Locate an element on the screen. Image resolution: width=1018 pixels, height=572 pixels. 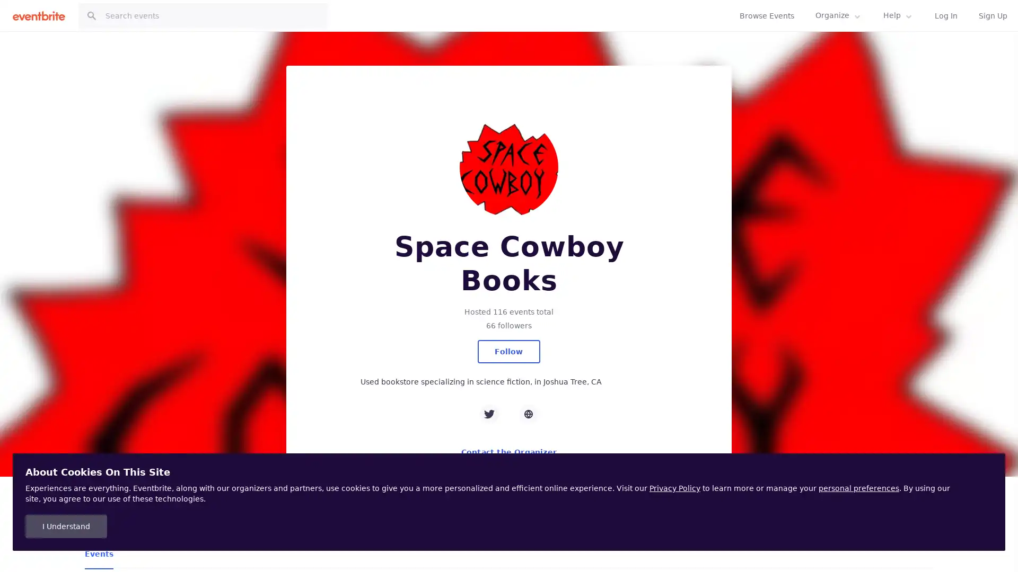
Follow is located at coordinates (508, 351).